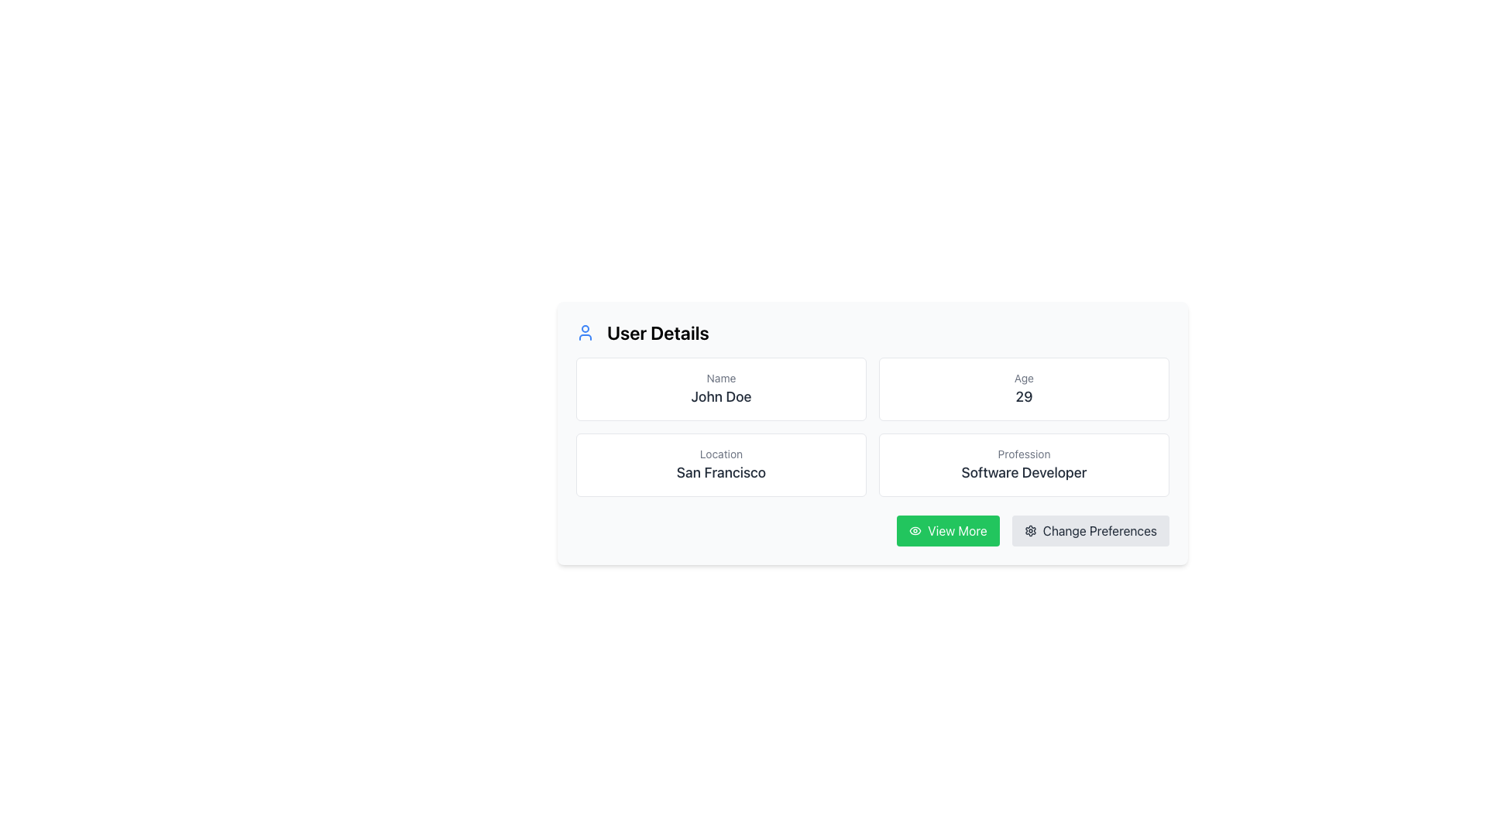 The height and width of the screenshot is (836, 1487). What do you see at coordinates (915, 530) in the screenshot?
I see `the circular eye-like icon located within the green button labeled 'View More' at the bottom-right corner of the user details card` at bounding box center [915, 530].